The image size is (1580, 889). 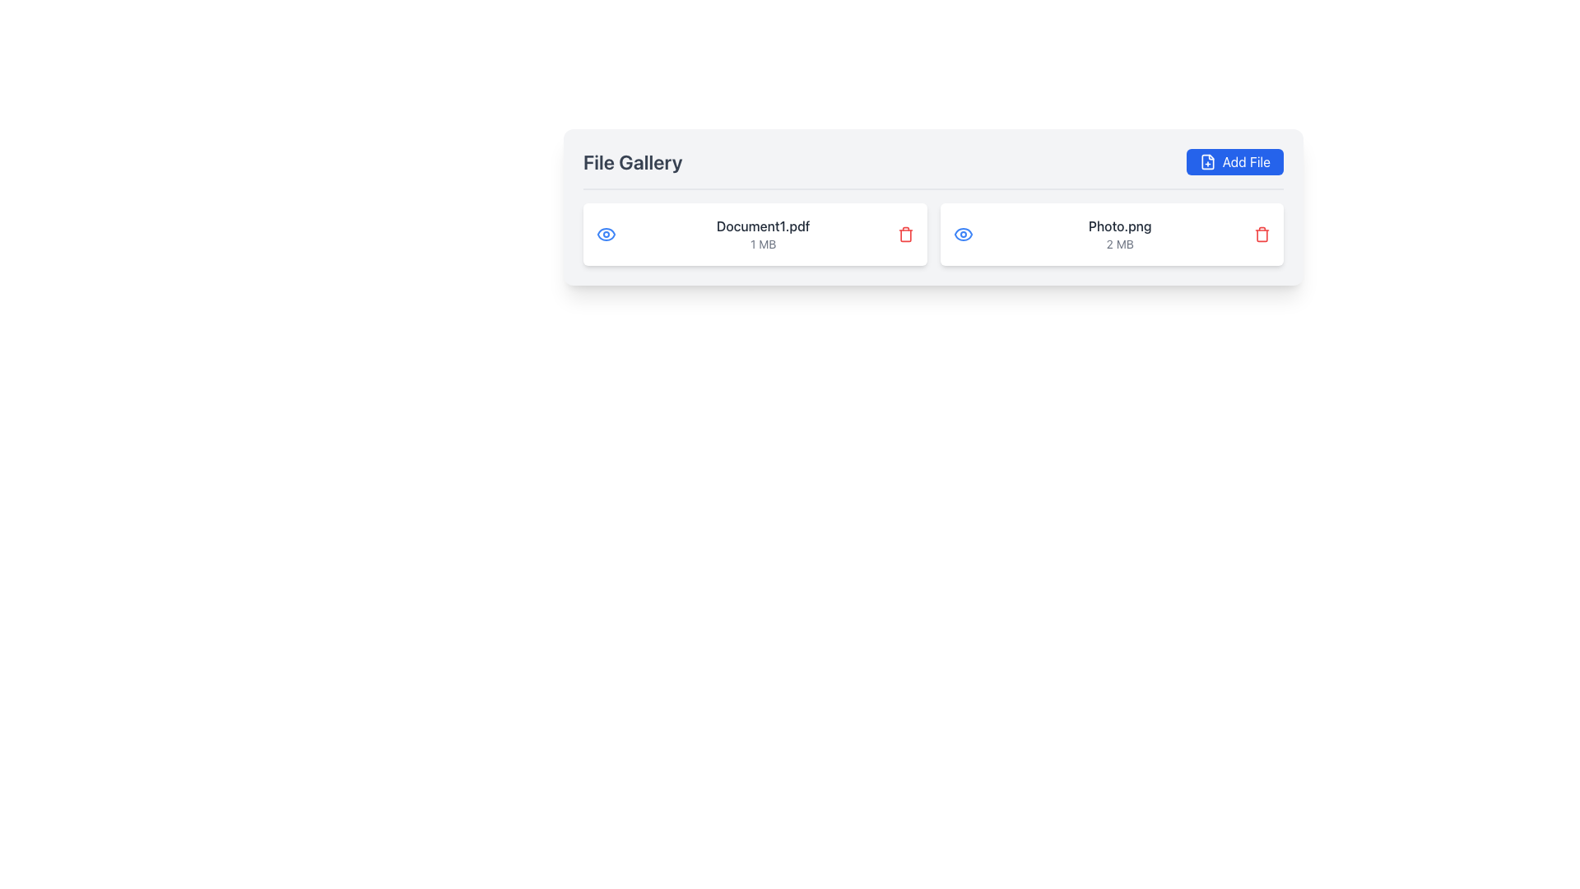 I want to click on the blue outlined eye-shaped icon located to the left of the file name 'Document1.pdf' in the first row of the file list, so click(x=963, y=235).